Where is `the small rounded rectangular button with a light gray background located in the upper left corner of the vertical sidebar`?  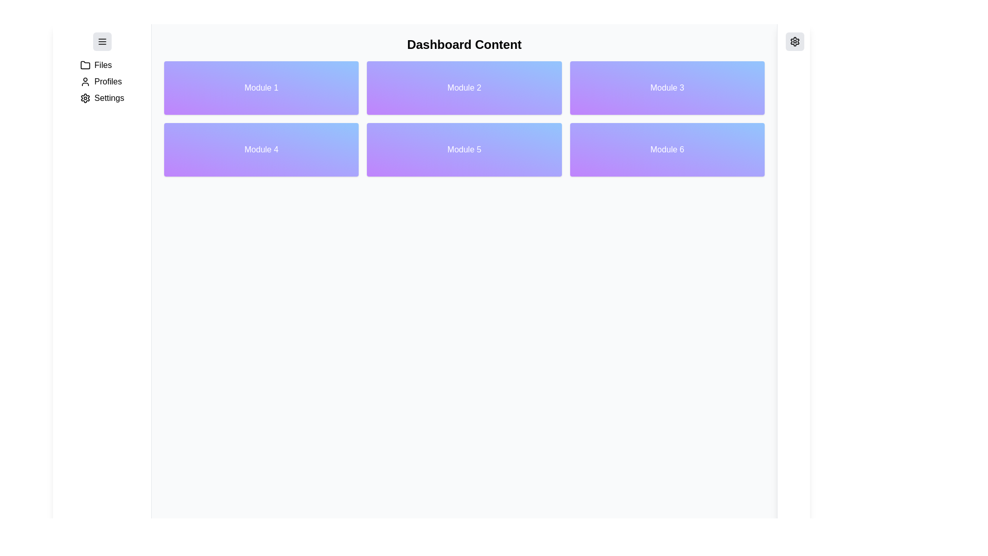
the small rounded rectangular button with a light gray background located in the upper left corner of the vertical sidebar is located at coordinates (102, 41).